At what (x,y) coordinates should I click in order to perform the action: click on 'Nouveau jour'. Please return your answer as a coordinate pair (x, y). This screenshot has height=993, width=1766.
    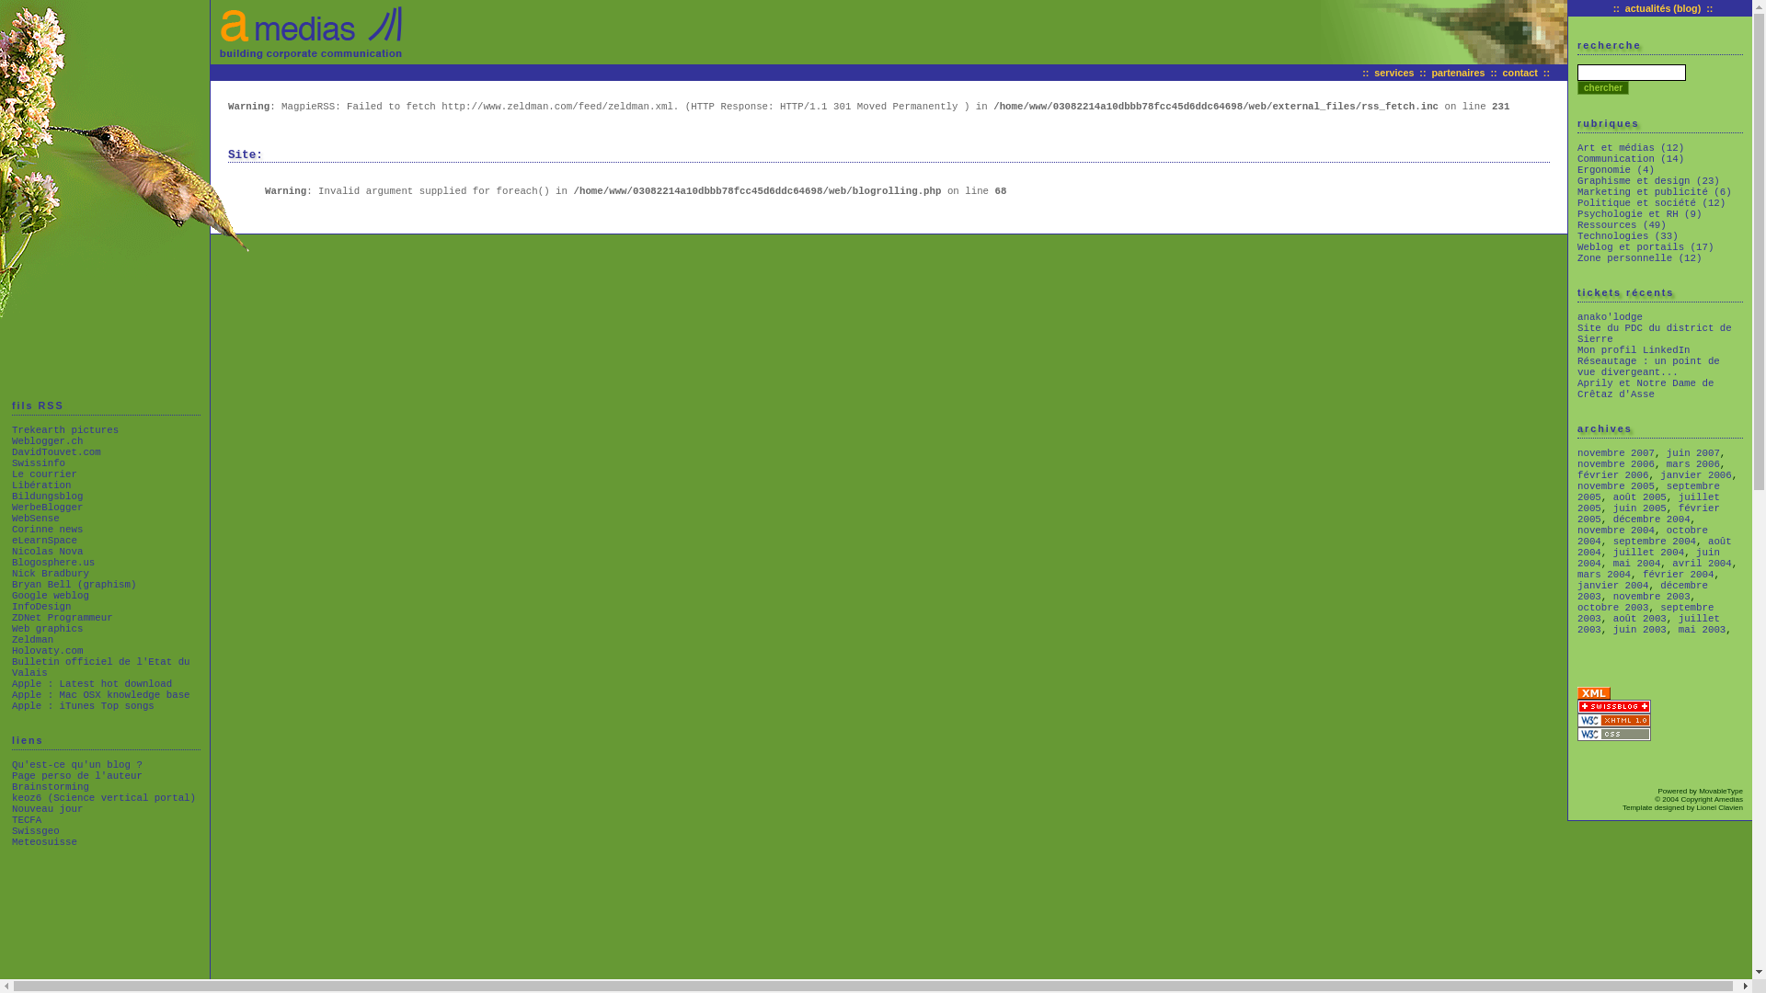
    Looking at the image, I should click on (12, 807).